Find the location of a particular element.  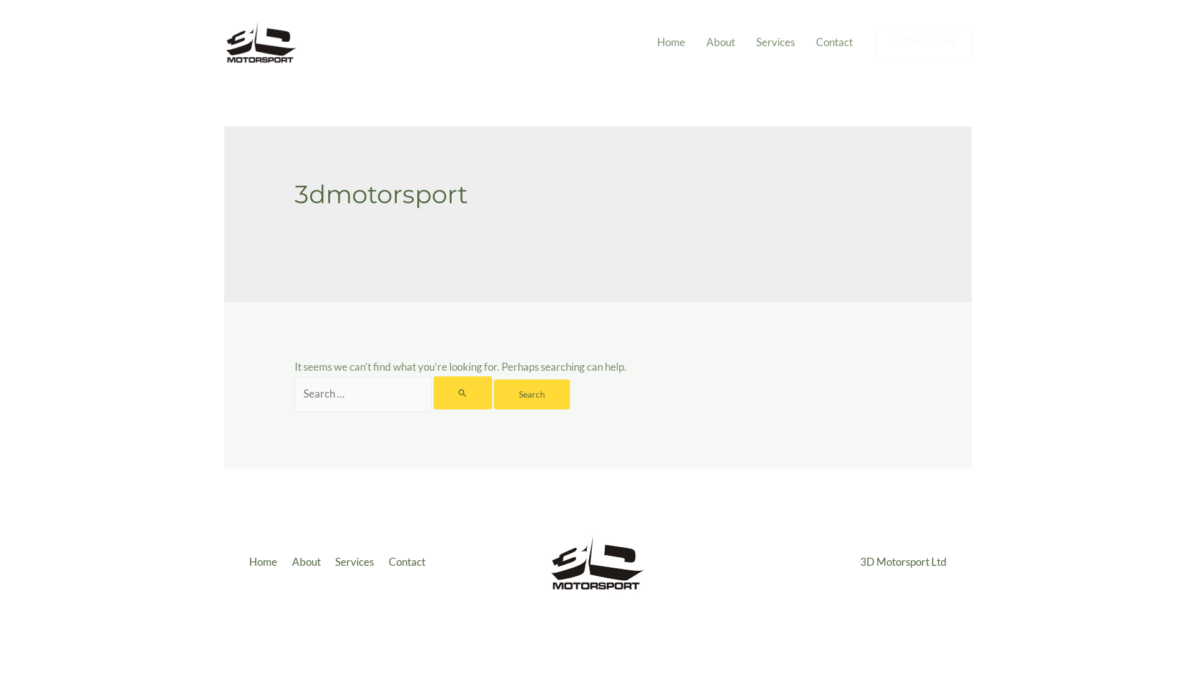

'About' is located at coordinates (720, 42).